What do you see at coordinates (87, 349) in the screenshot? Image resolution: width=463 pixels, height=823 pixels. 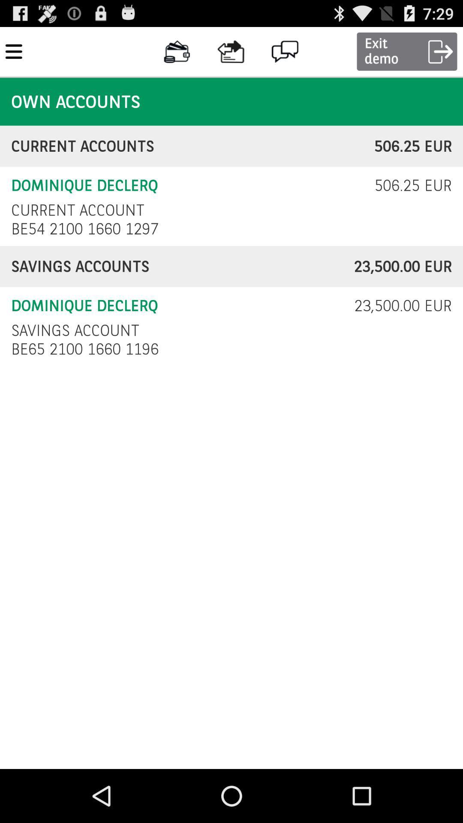 I see `the checkbox below the savings account checkbox` at bounding box center [87, 349].